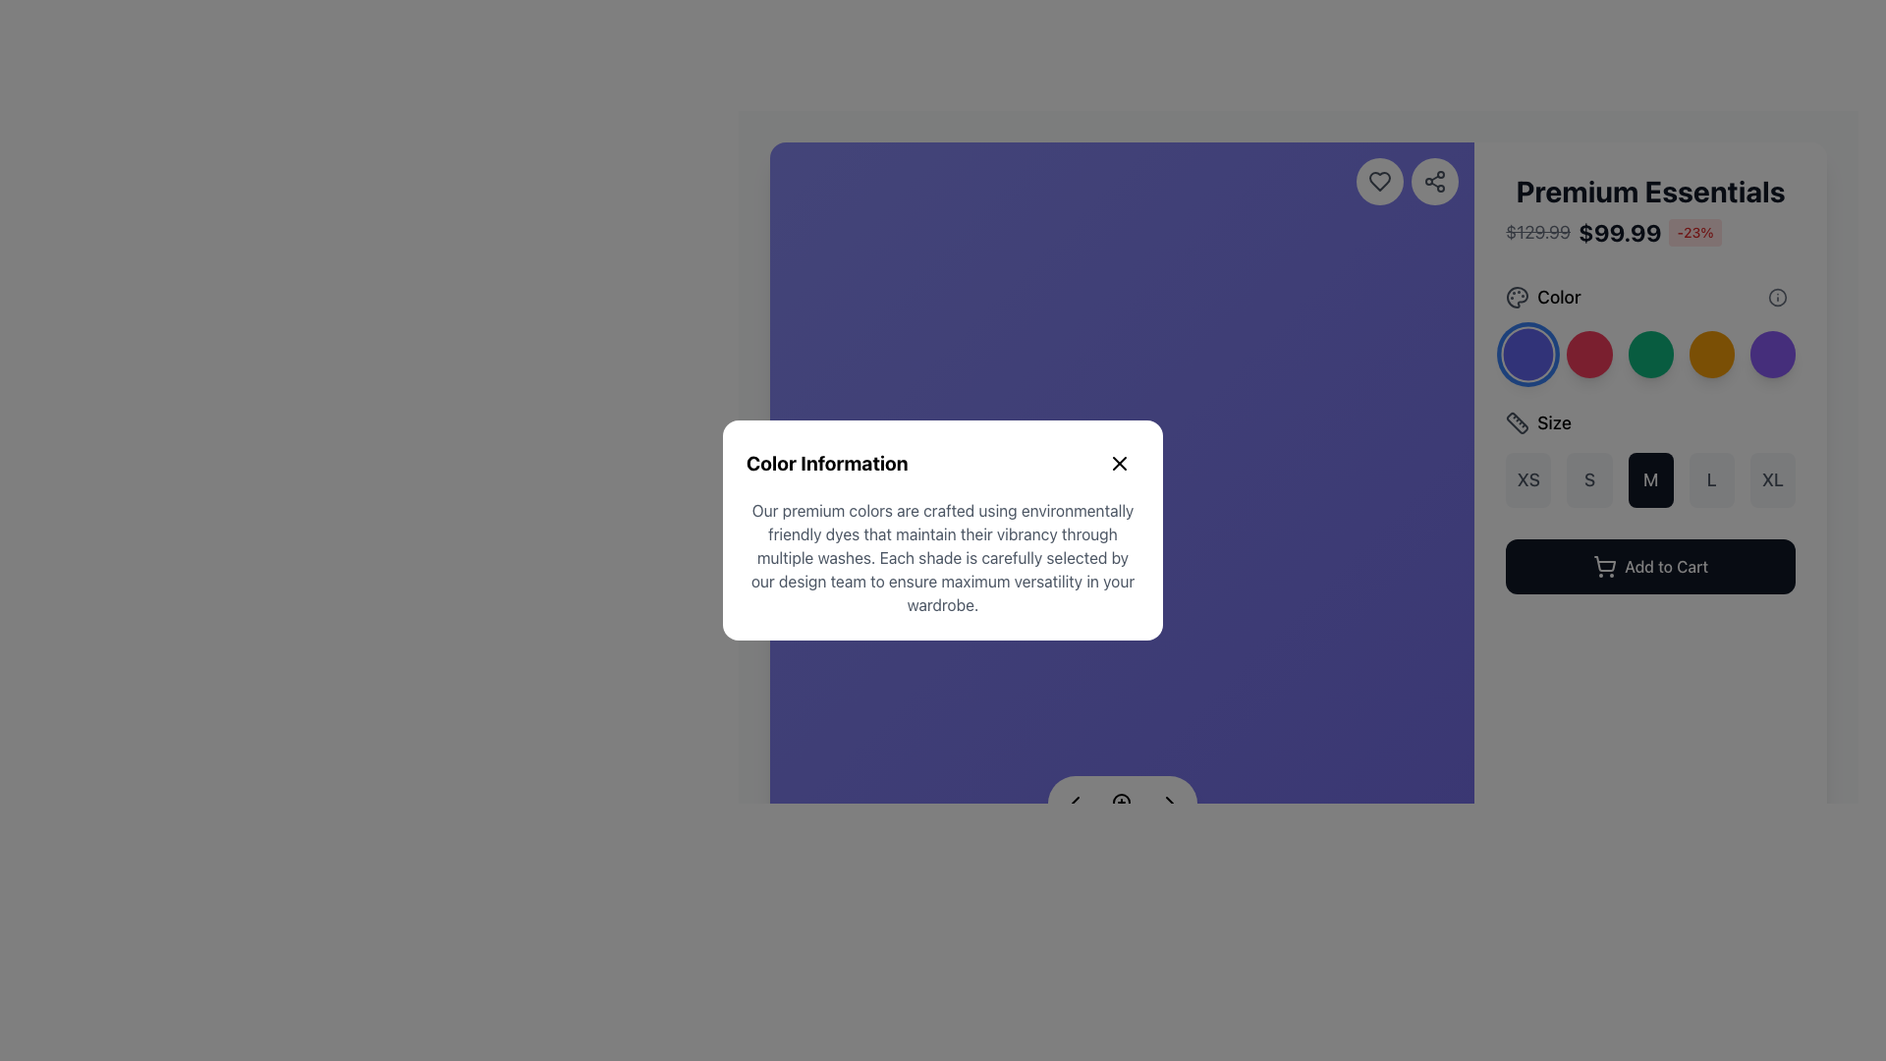 The height and width of the screenshot is (1061, 1886). What do you see at coordinates (1710, 355) in the screenshot?
I see `the fourth button in the sequence of color options, which allows users to select the 'Golden Hour' color, located near the top-right section of the interface` at bounding box center [1710, 355].